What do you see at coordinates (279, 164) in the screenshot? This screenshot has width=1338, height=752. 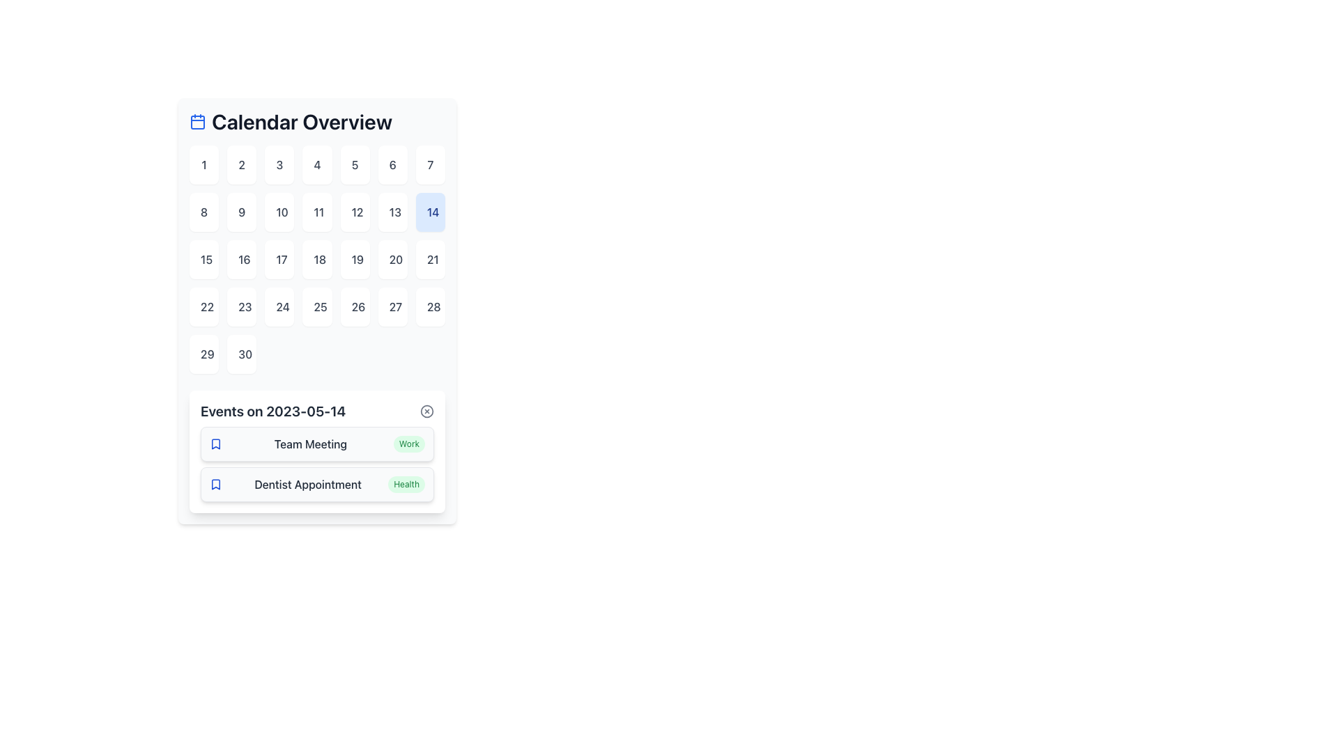 I see `the square button labeled '3' in the calendar view` at bounding box center [279, 164].